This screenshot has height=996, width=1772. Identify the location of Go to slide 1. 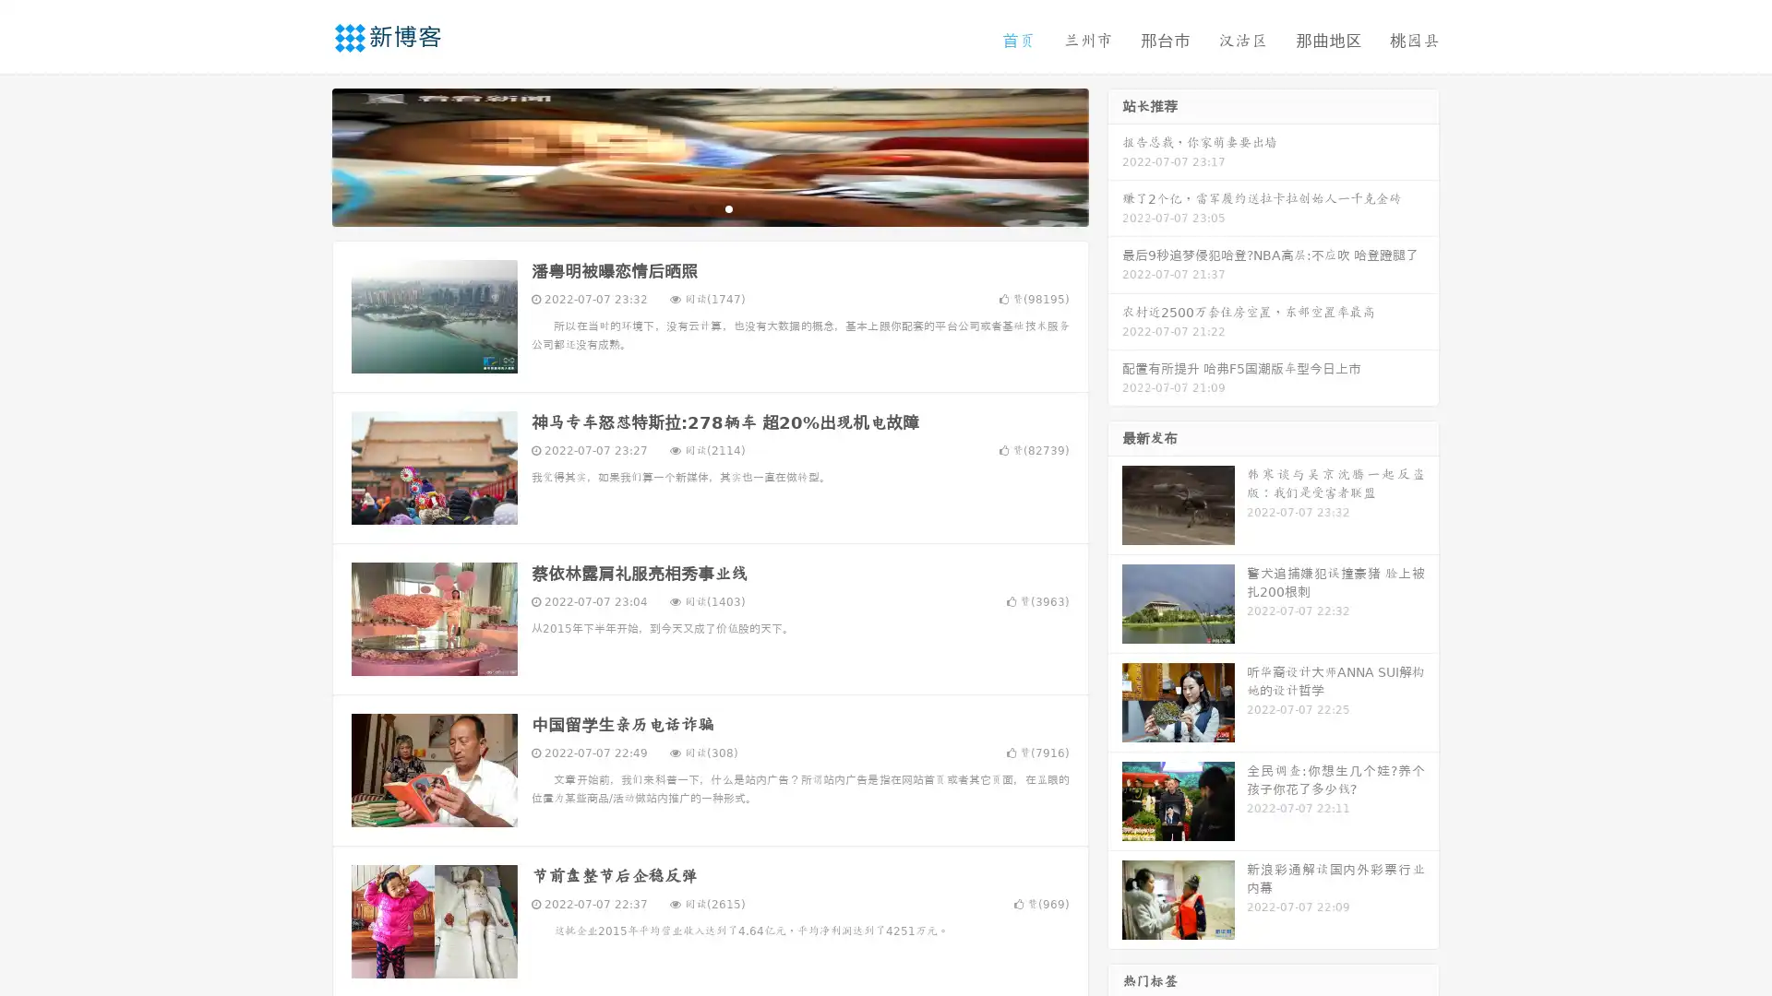
(690, 207).